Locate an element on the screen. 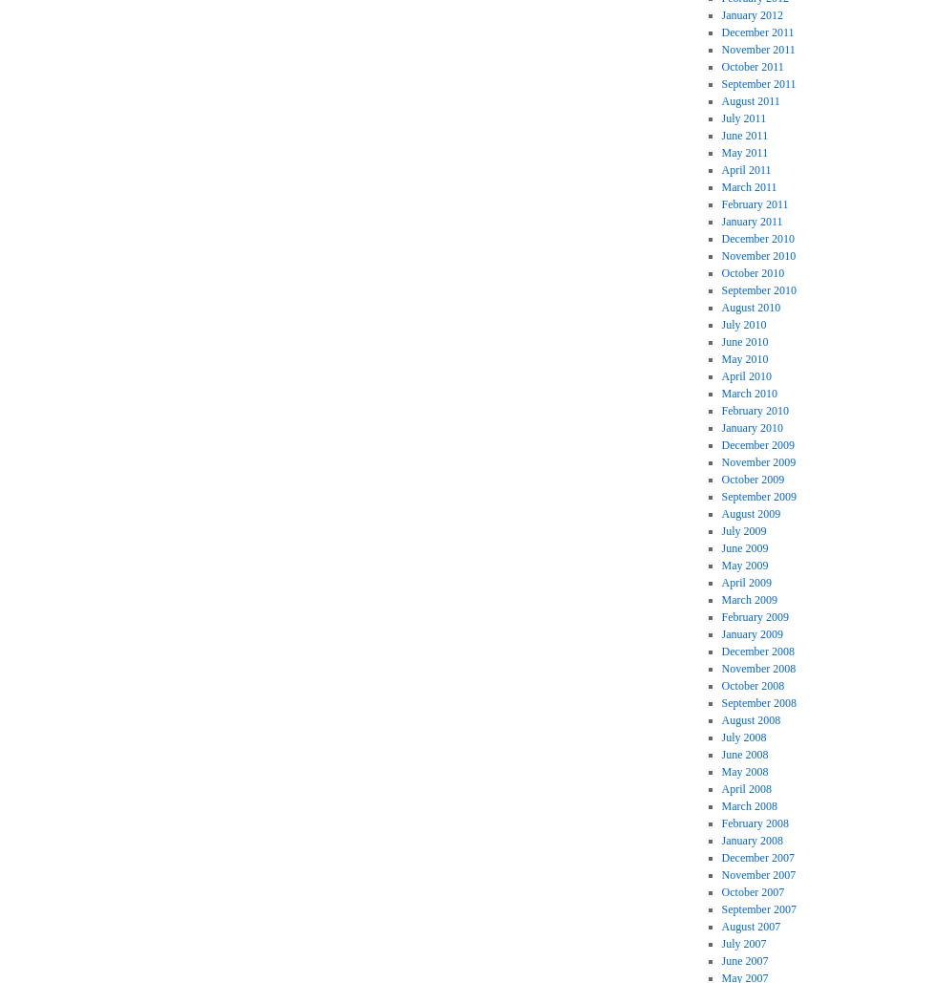 The width and height of the screenshot is (936, 983). 'March 2010' is located at coordinates (749, 393).